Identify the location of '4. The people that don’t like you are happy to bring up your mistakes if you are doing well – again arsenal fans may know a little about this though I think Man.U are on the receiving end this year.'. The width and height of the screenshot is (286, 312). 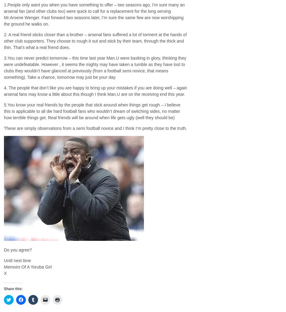
(4, 90).